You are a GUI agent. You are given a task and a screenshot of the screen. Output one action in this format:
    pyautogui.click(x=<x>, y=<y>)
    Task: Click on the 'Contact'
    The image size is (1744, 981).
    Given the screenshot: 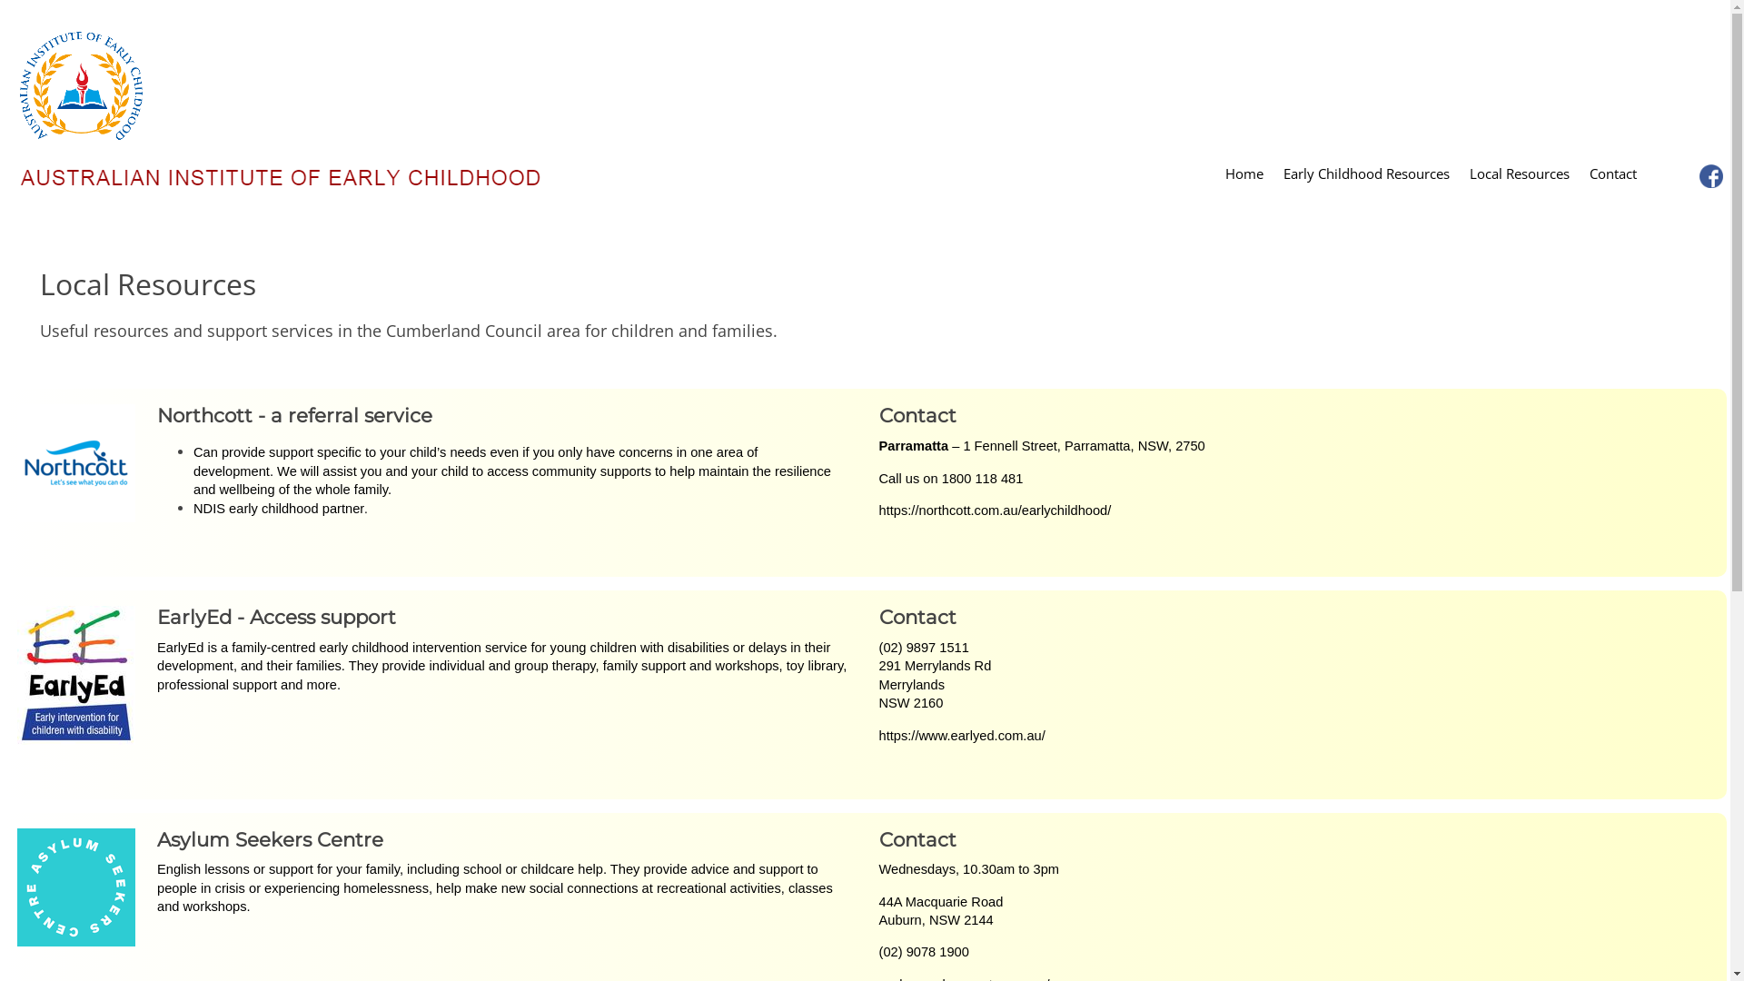 What is the action you would take?
    pyautogui.click(x=1613, y=175)
    